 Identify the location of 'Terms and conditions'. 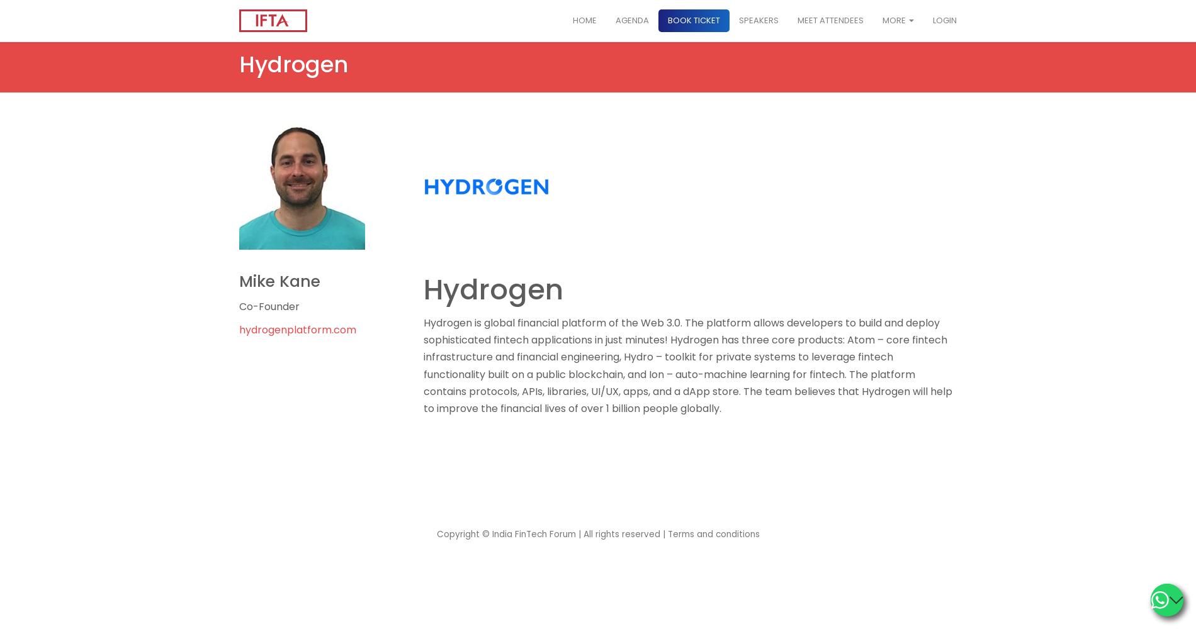
(713, 533).